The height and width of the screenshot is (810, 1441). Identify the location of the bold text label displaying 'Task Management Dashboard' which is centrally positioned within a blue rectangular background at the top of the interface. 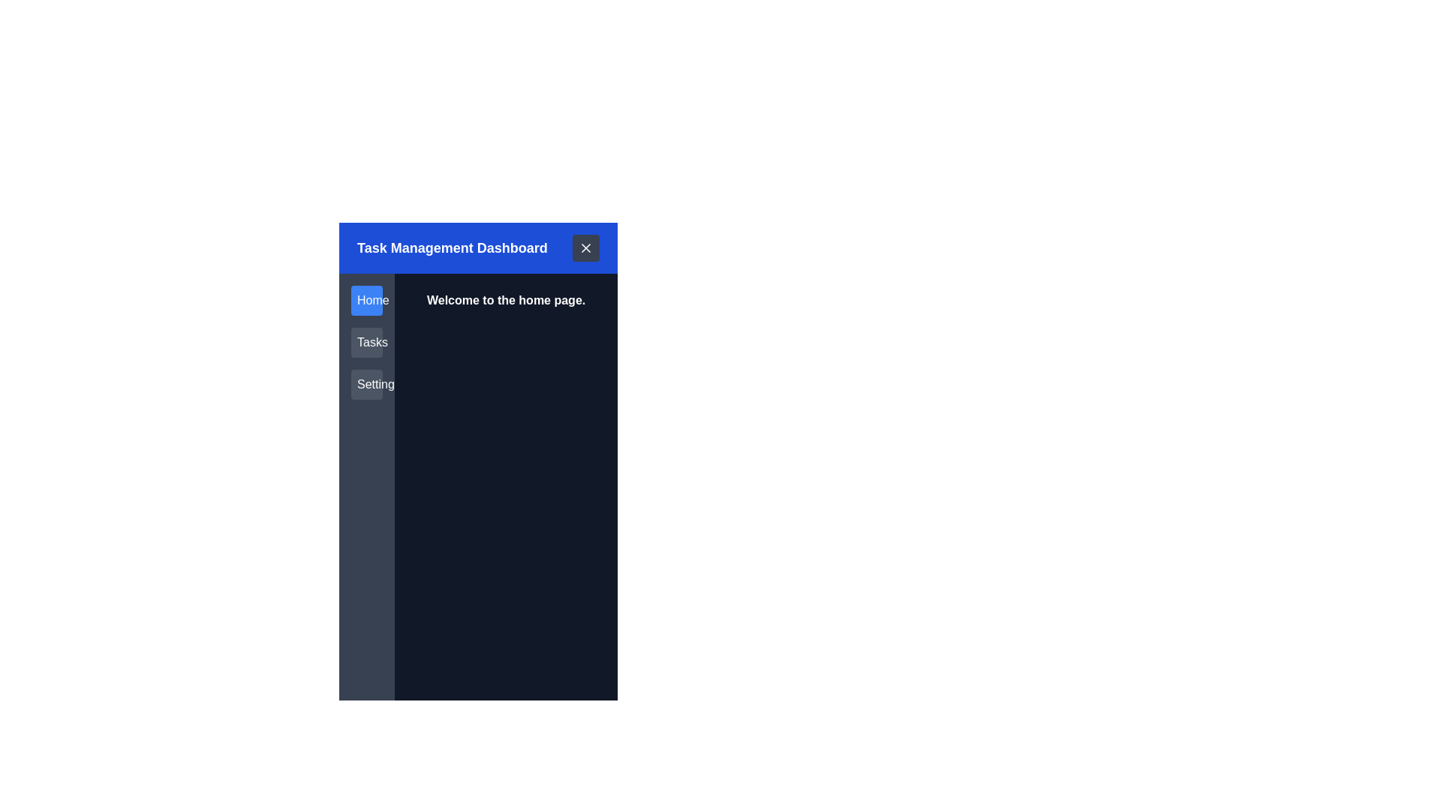
(451, 247).